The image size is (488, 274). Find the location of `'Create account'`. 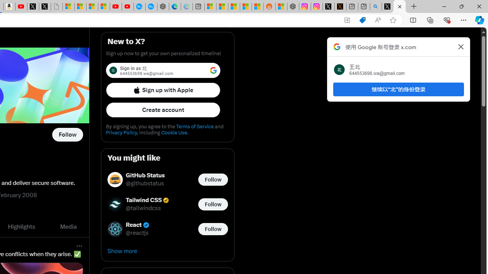

'Create account' is located at coordinates (163, 110).